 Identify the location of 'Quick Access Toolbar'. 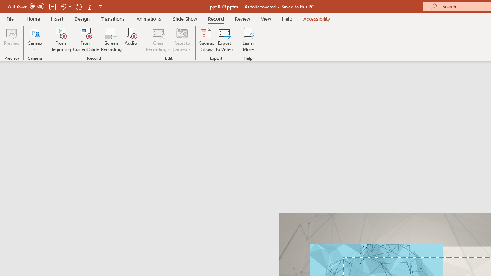
(55, 6).